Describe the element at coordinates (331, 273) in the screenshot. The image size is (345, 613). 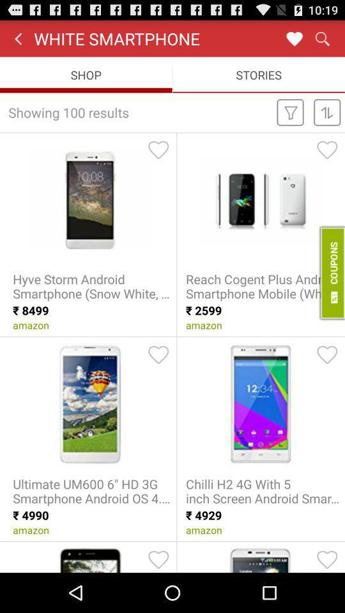
I see `coupons` at that location.